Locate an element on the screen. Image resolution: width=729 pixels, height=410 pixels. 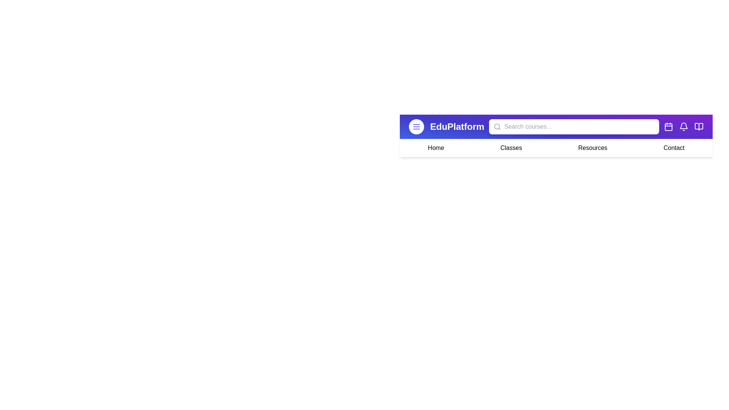
the navigation link for Contact is located at coordinates (674, 148).